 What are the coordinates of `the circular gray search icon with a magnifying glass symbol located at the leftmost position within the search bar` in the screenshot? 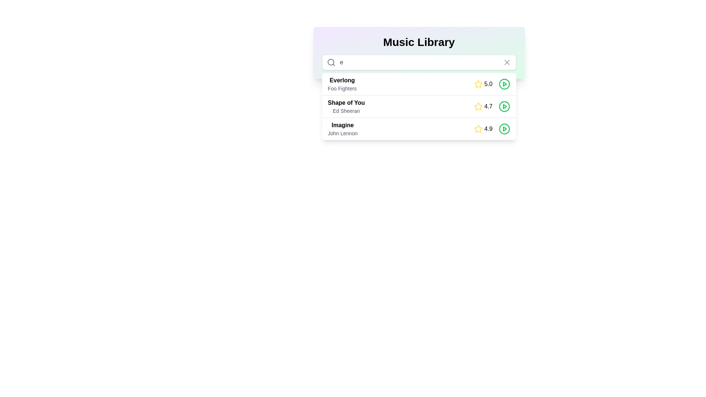 It's located at (331, 62).